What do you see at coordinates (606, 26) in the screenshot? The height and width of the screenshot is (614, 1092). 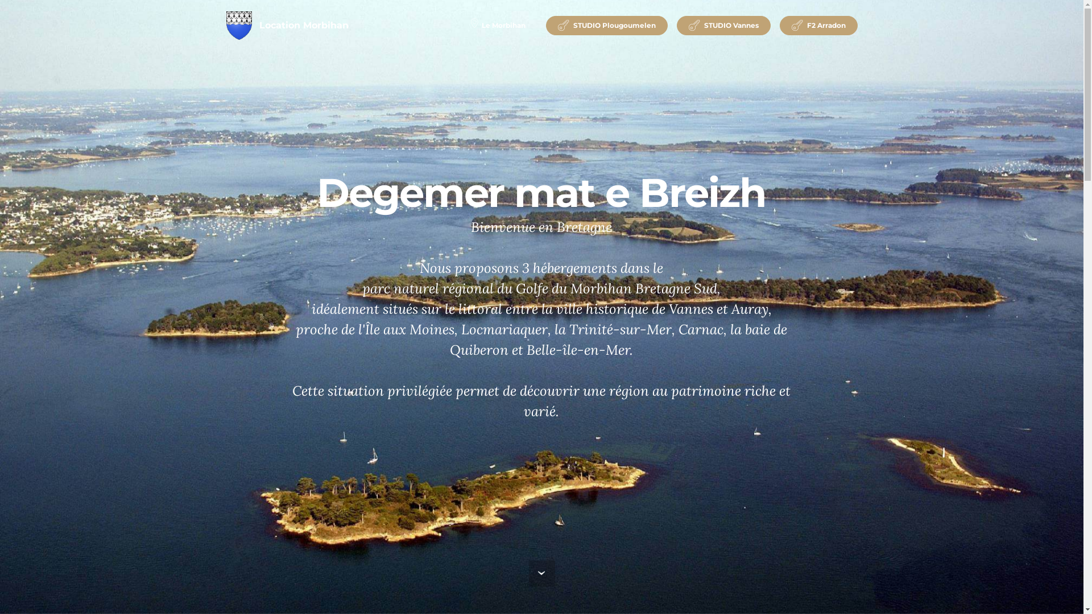 I see `'STUDIO Plougoumelen'` at bounding box center [606, 26].